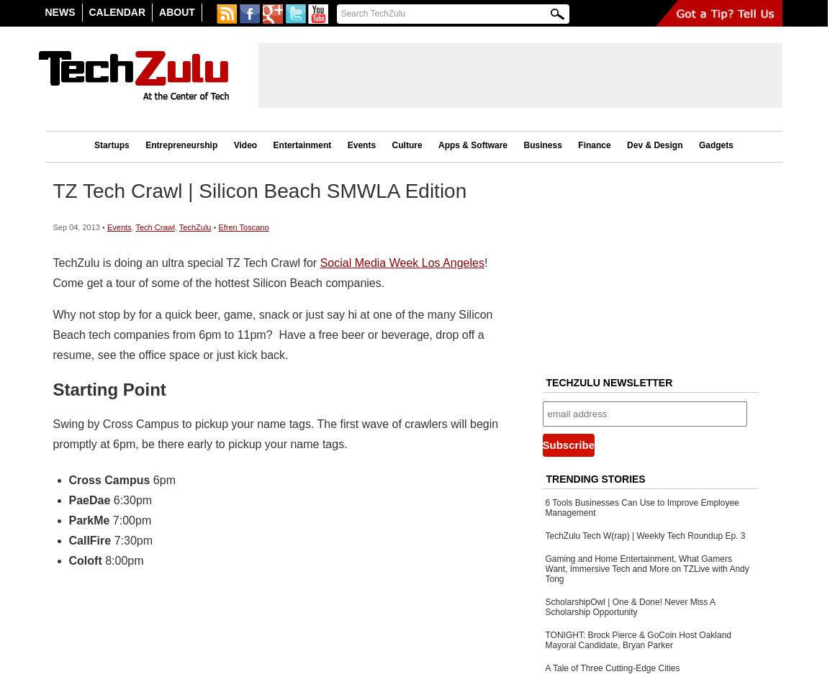 The height and width of the screenshot is (687, 835). Describe the element at coordinates (161, 478) in the screenshot. I see `'6pm'` at that location.